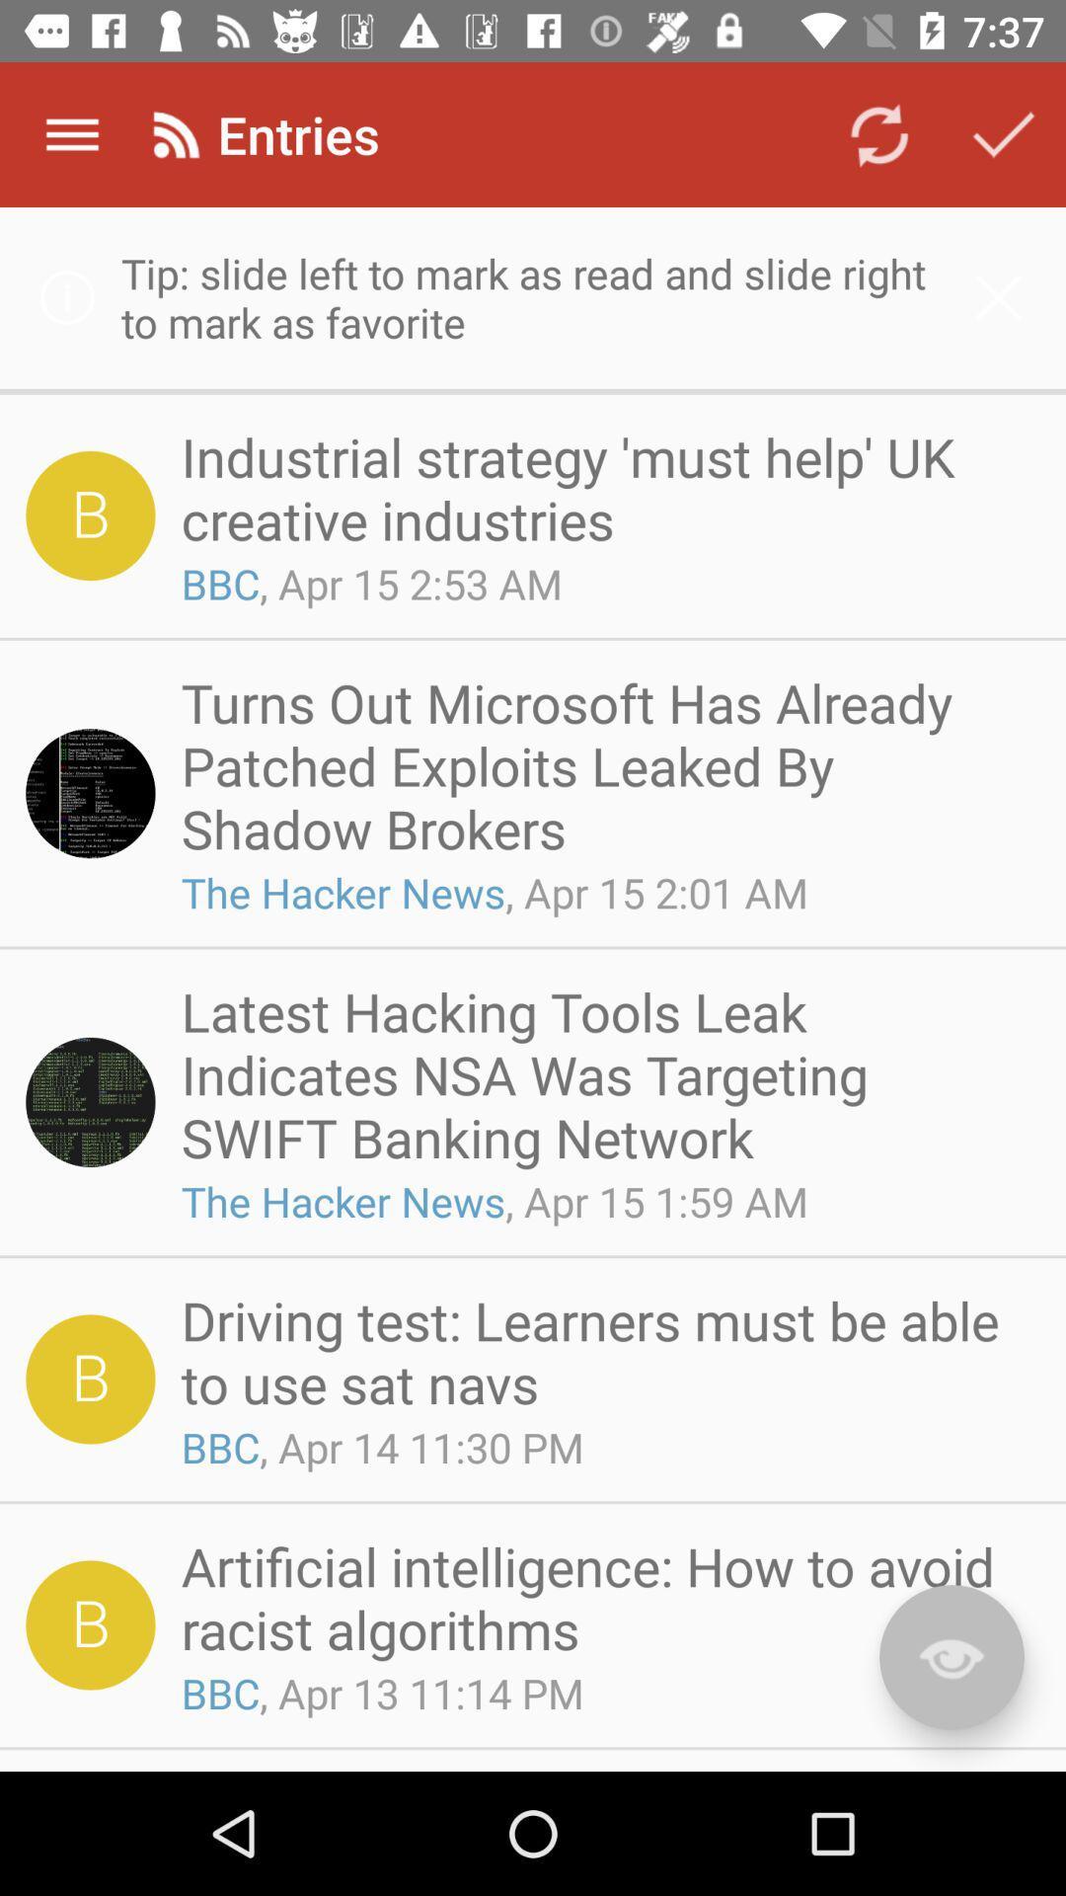 This screenshot has width=1066, height=1896. Describe the element at coordinates (71, 133) in the screenshot. I see `app above tip slide left app` at that location.